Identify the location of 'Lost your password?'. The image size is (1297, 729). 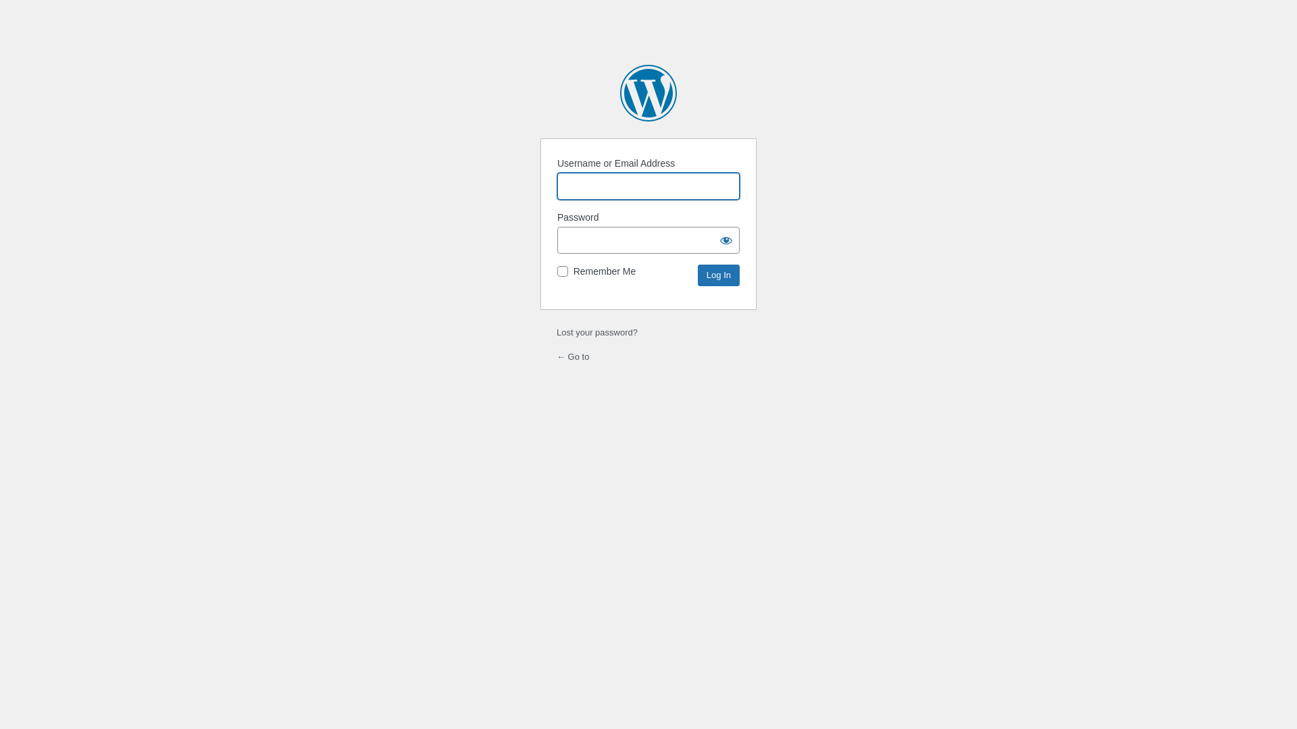
(557, 332).